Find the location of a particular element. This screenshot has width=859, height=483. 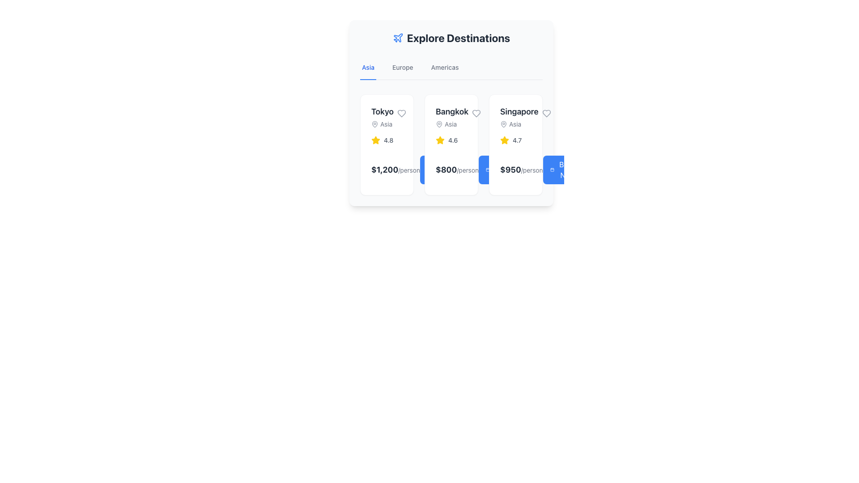

the Rating display element, which consists of a yellow star icon and the text '4.7' in medium-gray font, located in the third card below 'Singapore' and above the price information is located at coordinates (515, 140).